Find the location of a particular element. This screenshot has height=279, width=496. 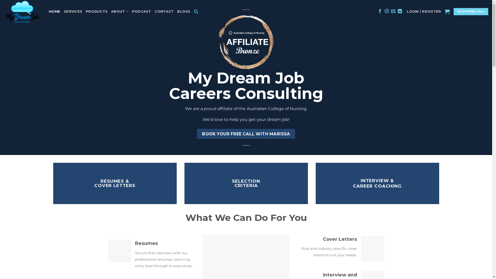

'BOOK YOUR FREE CALL WITH MARISSA' is located at coordinates (245, 134).